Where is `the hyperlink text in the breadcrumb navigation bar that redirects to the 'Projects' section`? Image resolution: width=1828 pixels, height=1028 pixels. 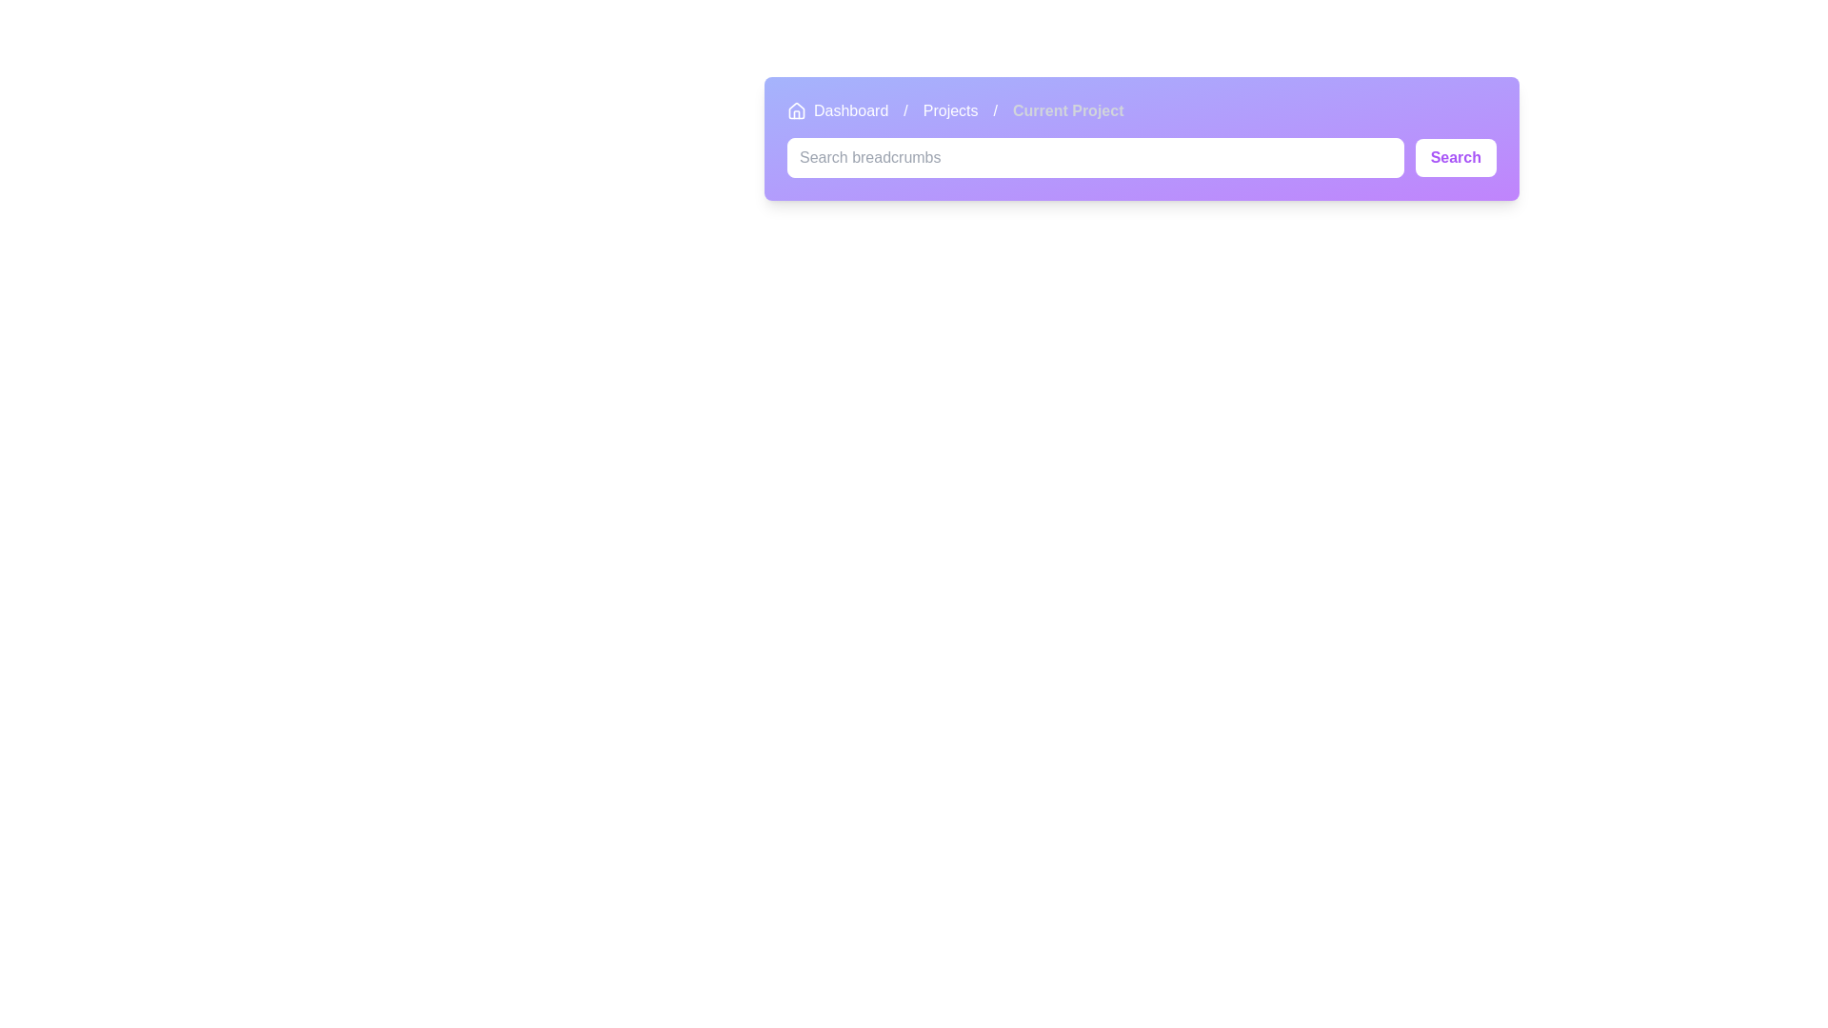
the hyperlink text in the breadcrumb navigation bar that redirects to the 'Projects' section is located at coordinates (950, 110).